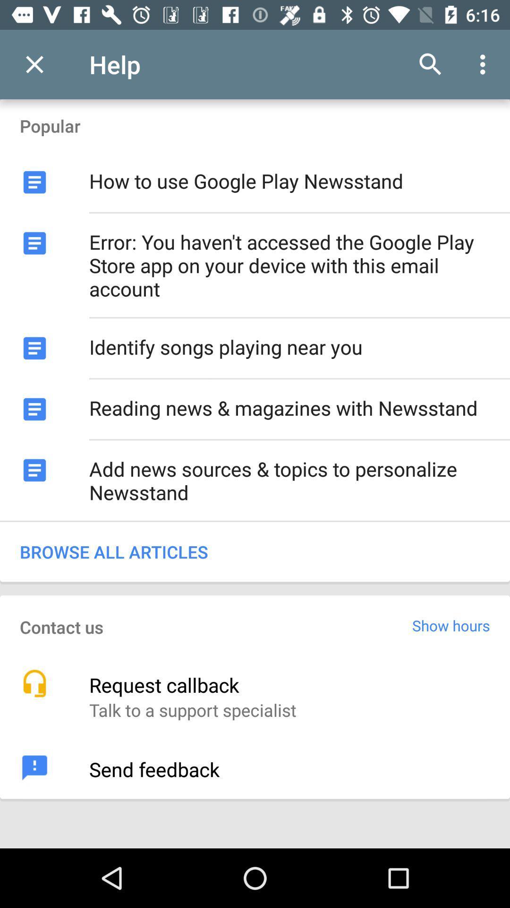 This screenshot has height=908, width=510. What do you see at coordinates (430, 64) in the screenshot?
I see `the item to the right of the help app` at bounding box center [430, 64].